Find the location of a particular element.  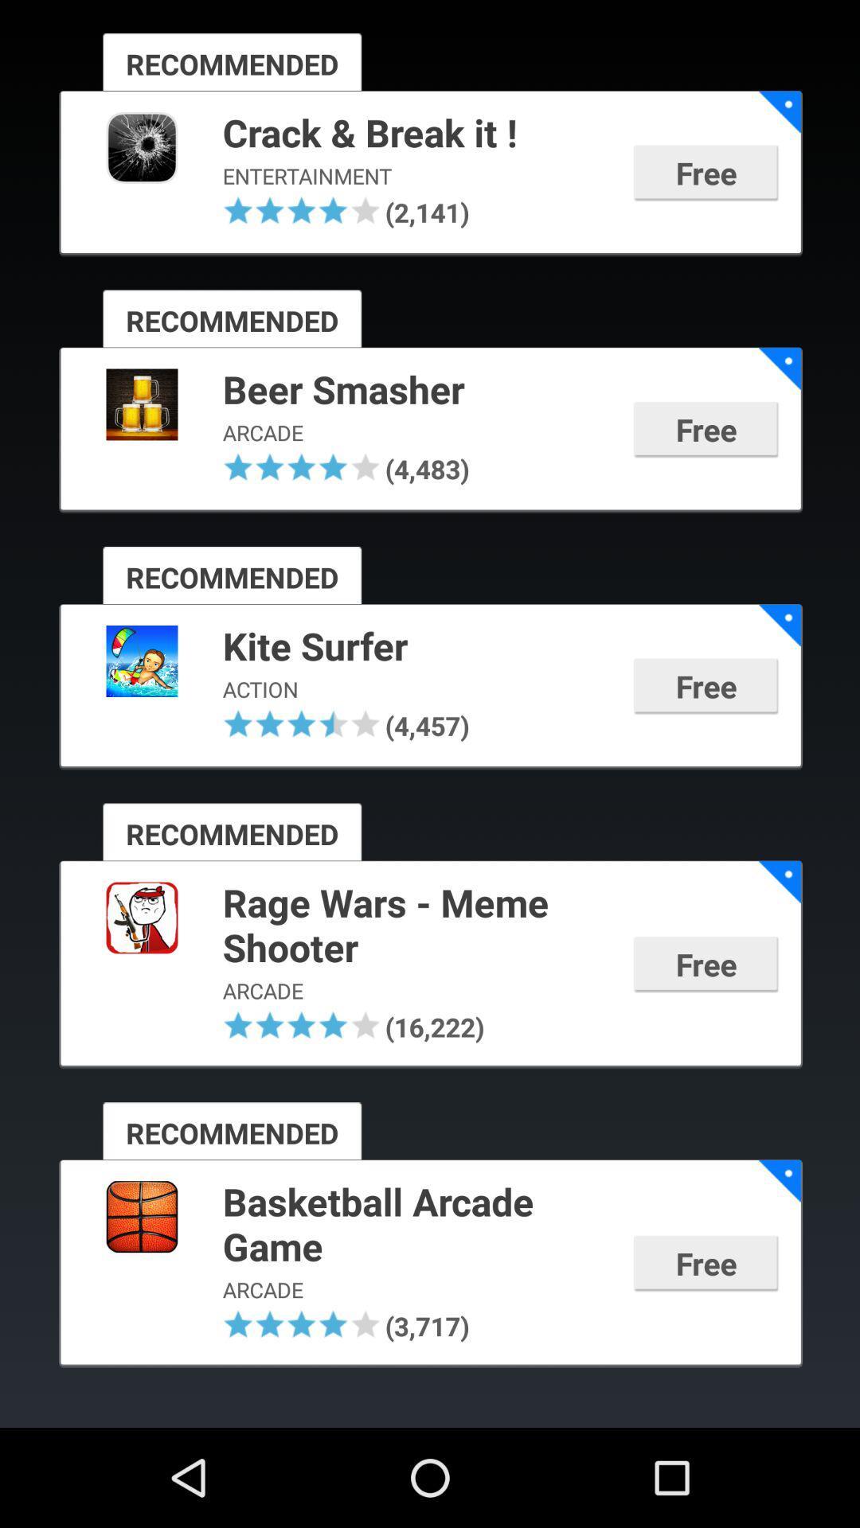

app below the arcade app is located at coordinates (365, 1025).